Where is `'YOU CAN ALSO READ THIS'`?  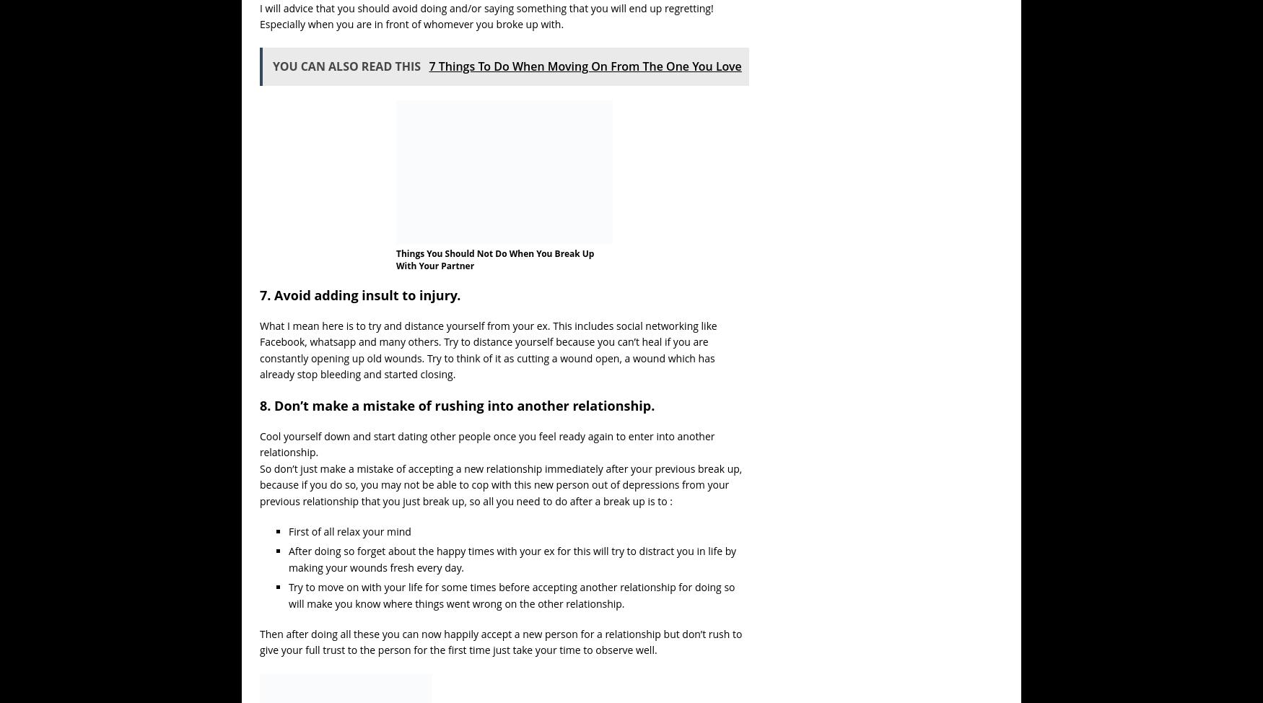
'YOU CAN ALSO READ THIS' is located at coordinates (348, 64).